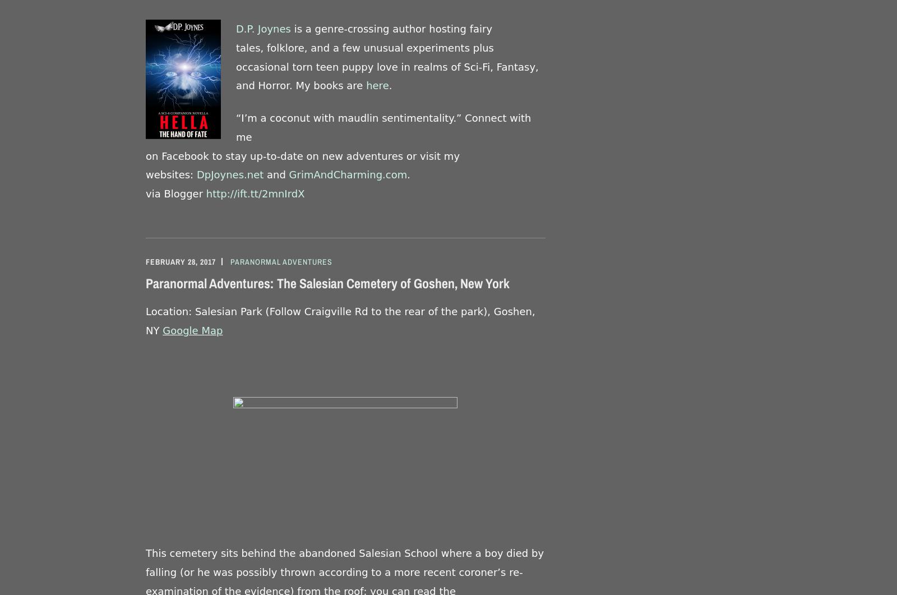  What do you see at coordinates (377, 85) in the screenshot?
I see `'here'` at bounding box center [377, 85].